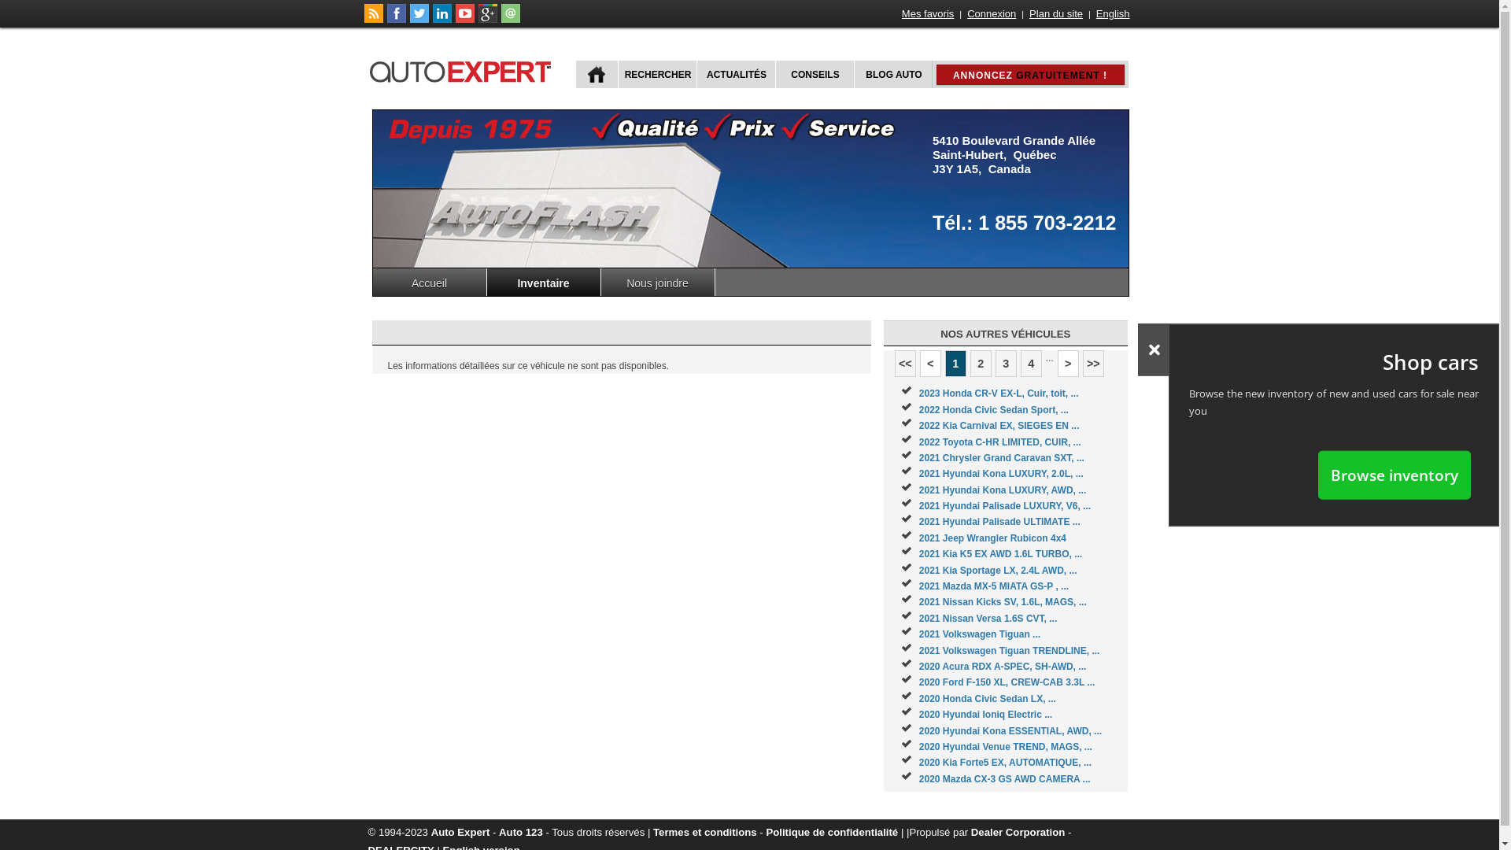 The height and width of the screenshot is (850, 1511). Describe the element at coordinates (965, 13) in the screenshot. I see `'Connexion'` at that location.